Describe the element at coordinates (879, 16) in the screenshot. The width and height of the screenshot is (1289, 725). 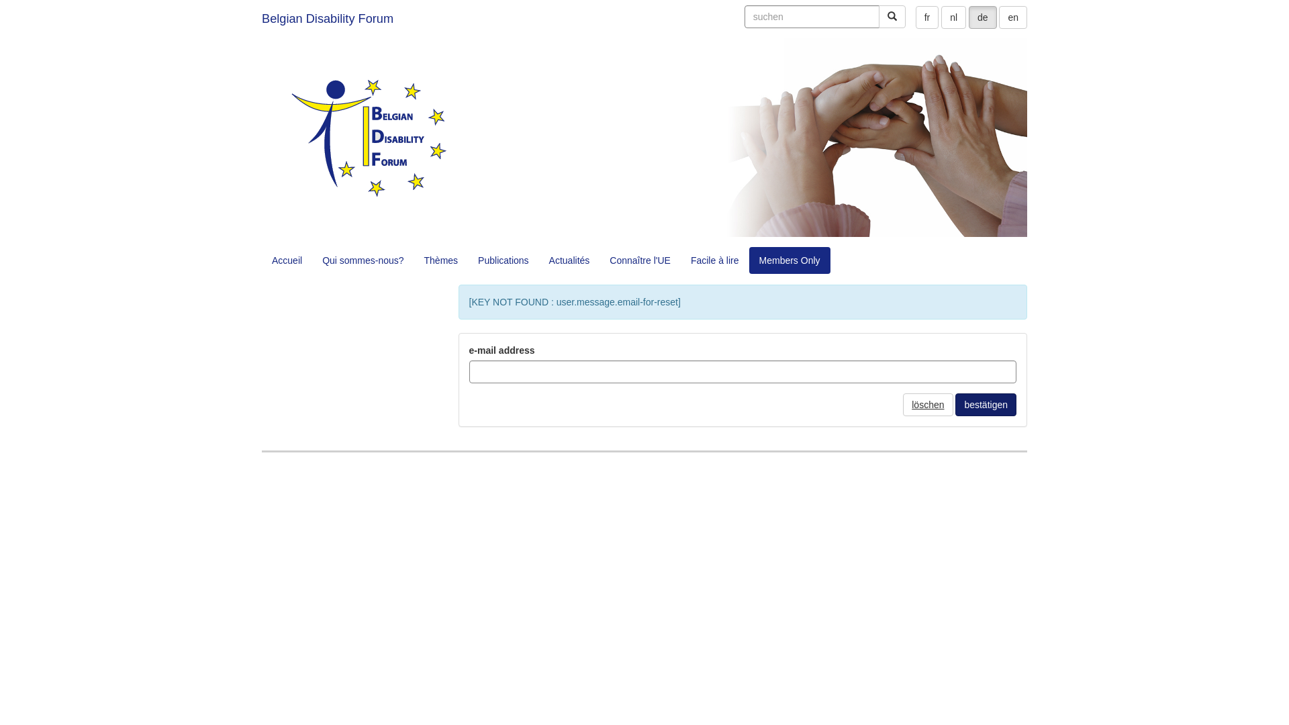
I see `'suchen'` at that location.